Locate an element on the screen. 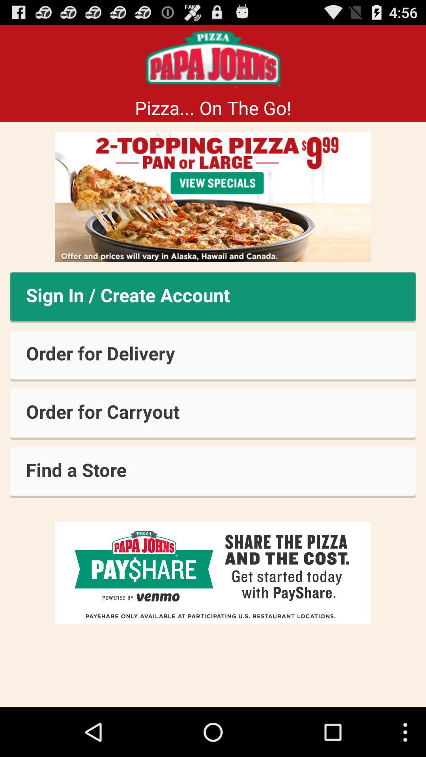  view specials is located at coordinates (213, 197).